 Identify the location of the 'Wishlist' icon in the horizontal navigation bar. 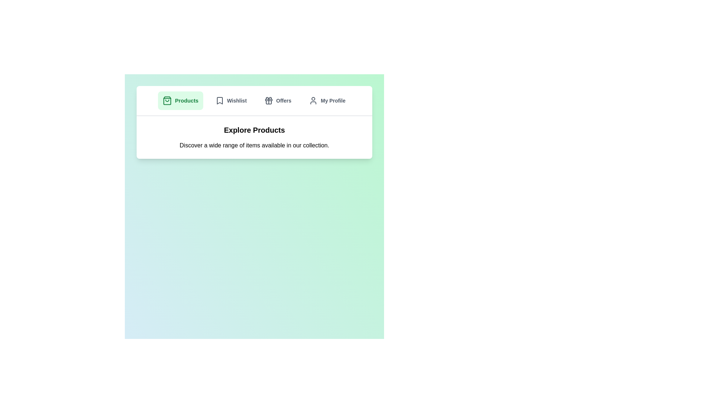
(219, 100).